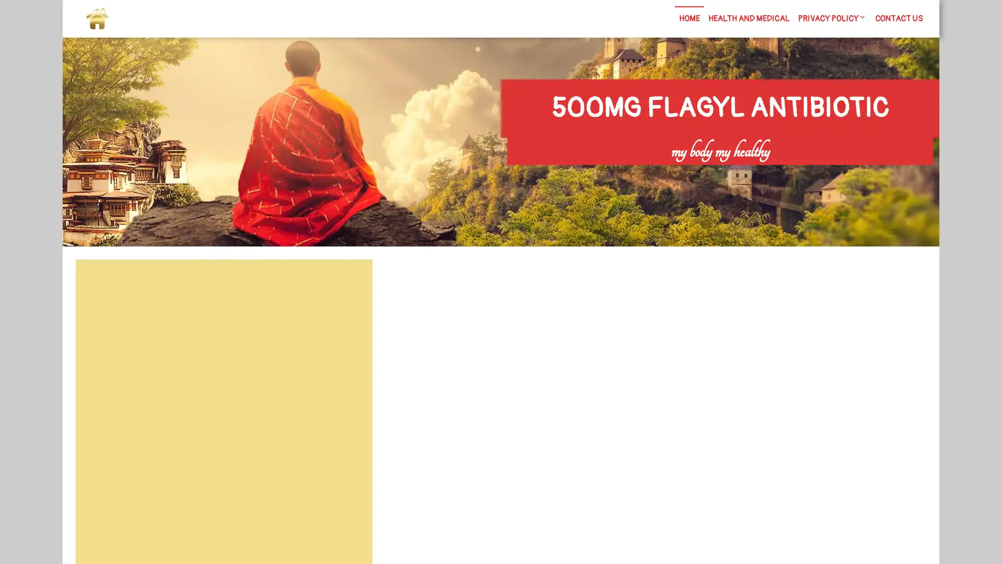  What do you see at coordinates (813, 171) in the screenshot?
I see `Search` at bounding box center [813, 171].